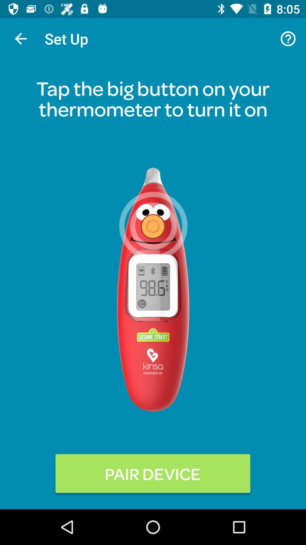  Describe the element at coordinates (288, 38) in the screenshot. I see `the icon above tap the big` at that location.